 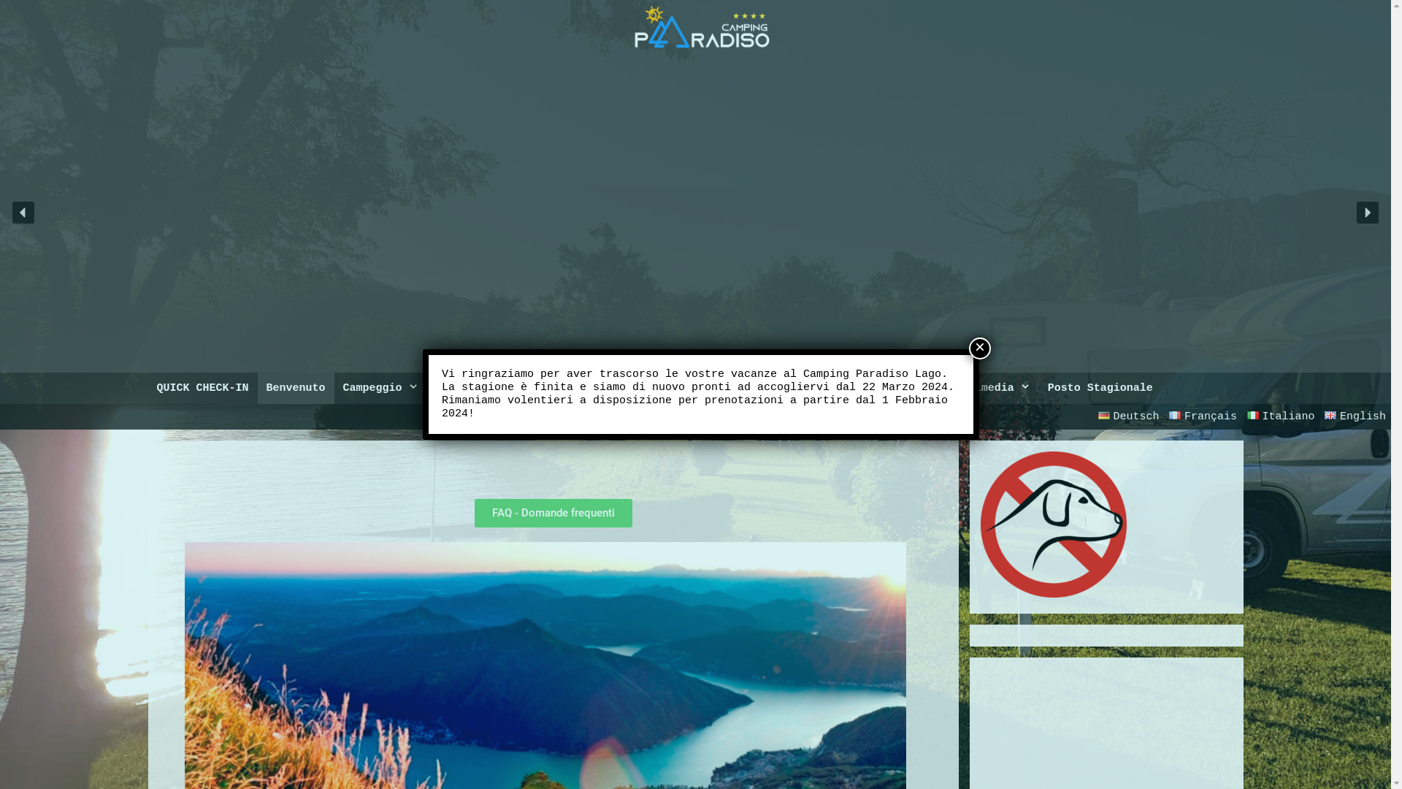 I want to click on 'Prenotazione', so click(x=483, y=387).